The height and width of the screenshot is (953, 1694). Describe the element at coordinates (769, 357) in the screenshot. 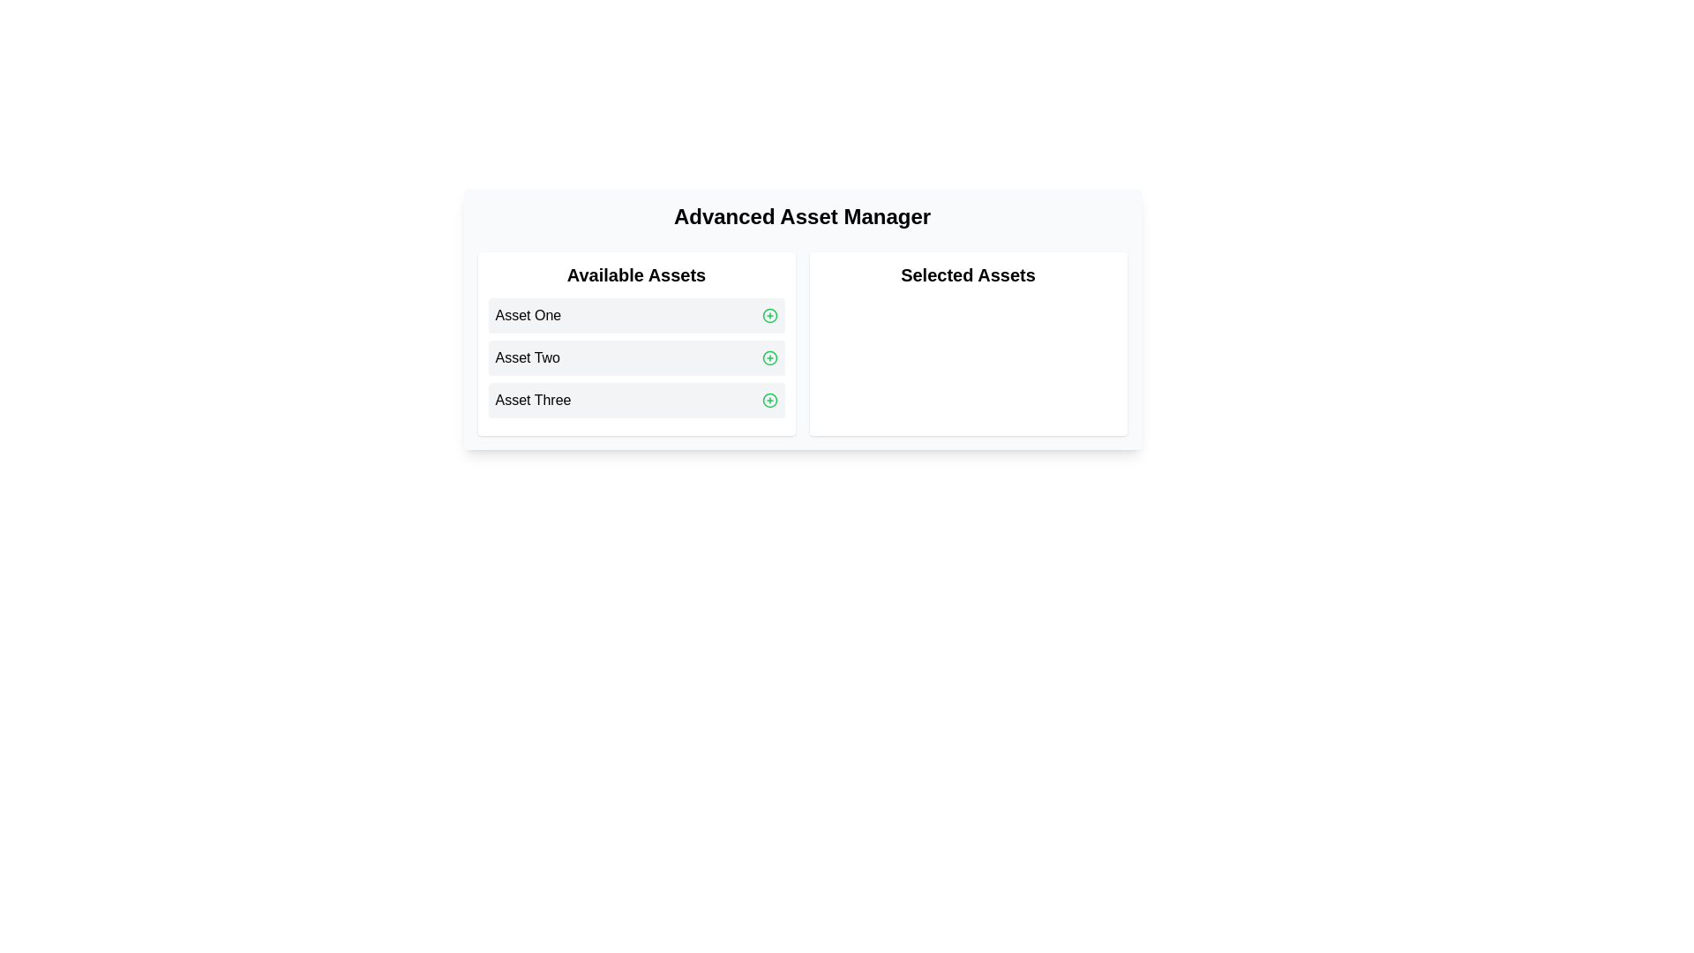

I see `the green circular button with a white plus symbol, located to the right of 'Asset Two'` at that location.